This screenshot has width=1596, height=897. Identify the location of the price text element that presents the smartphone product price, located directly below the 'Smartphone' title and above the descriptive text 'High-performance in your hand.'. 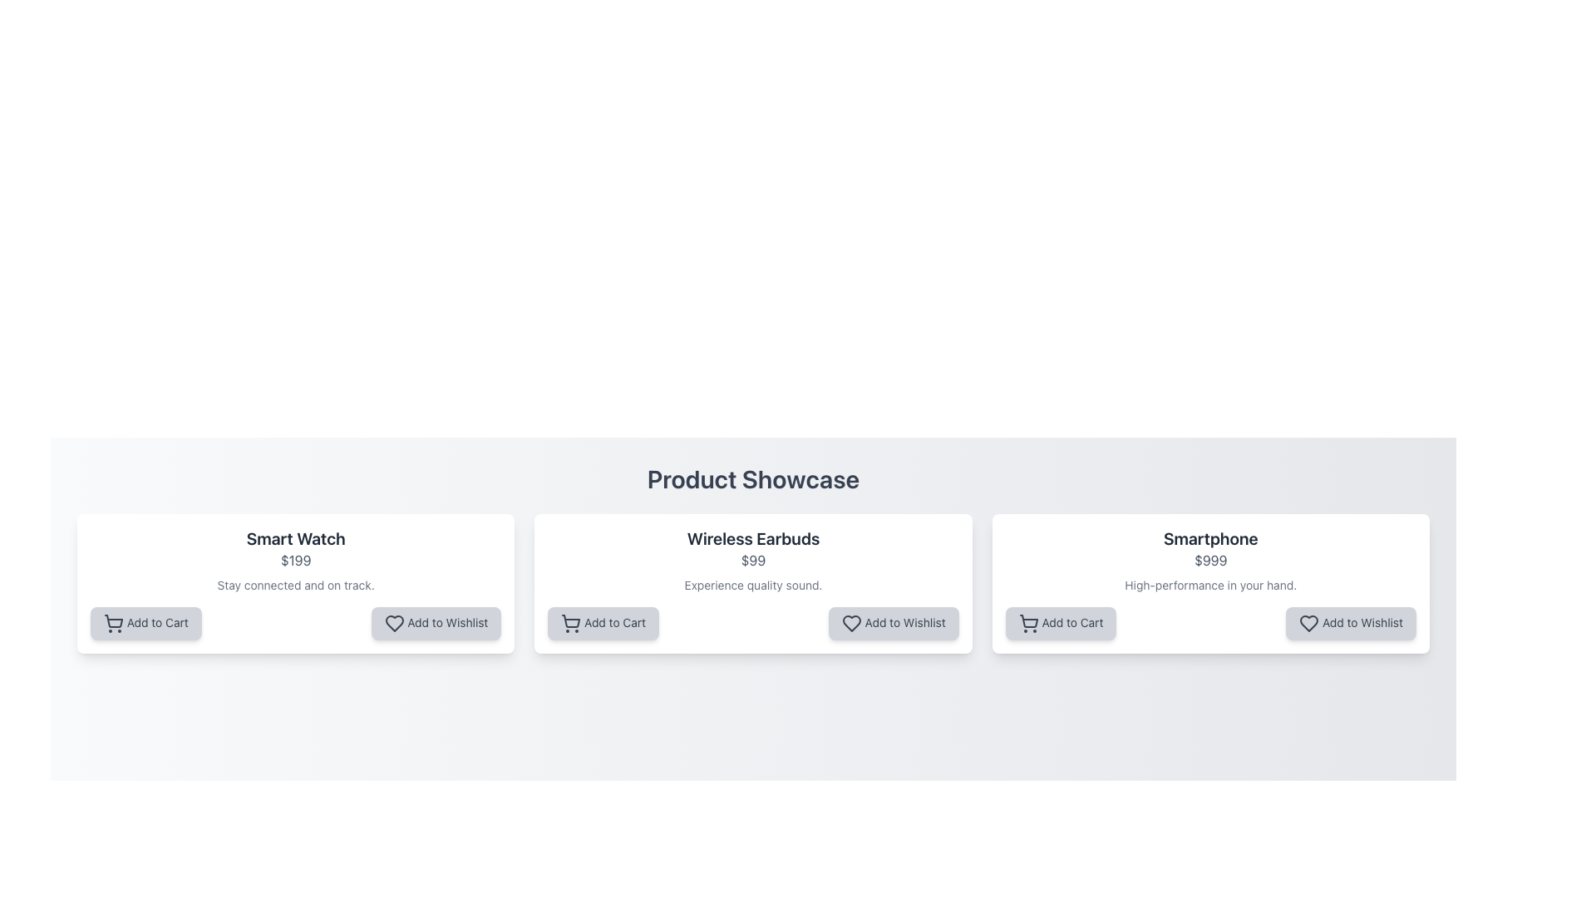
(1210, 561).